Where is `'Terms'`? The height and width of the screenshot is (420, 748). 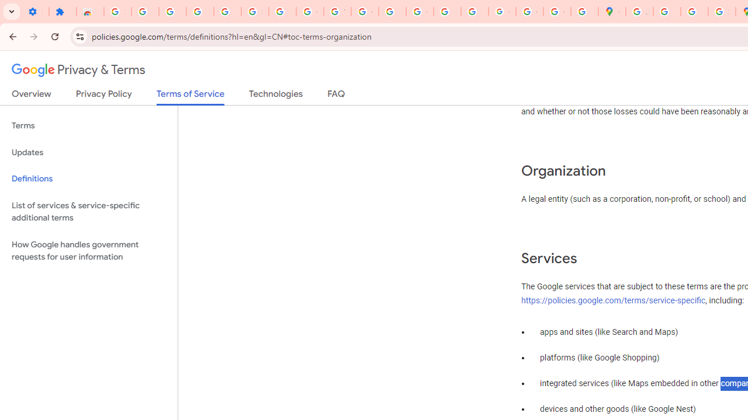
'Terms' is located at coordinates (88, 126).